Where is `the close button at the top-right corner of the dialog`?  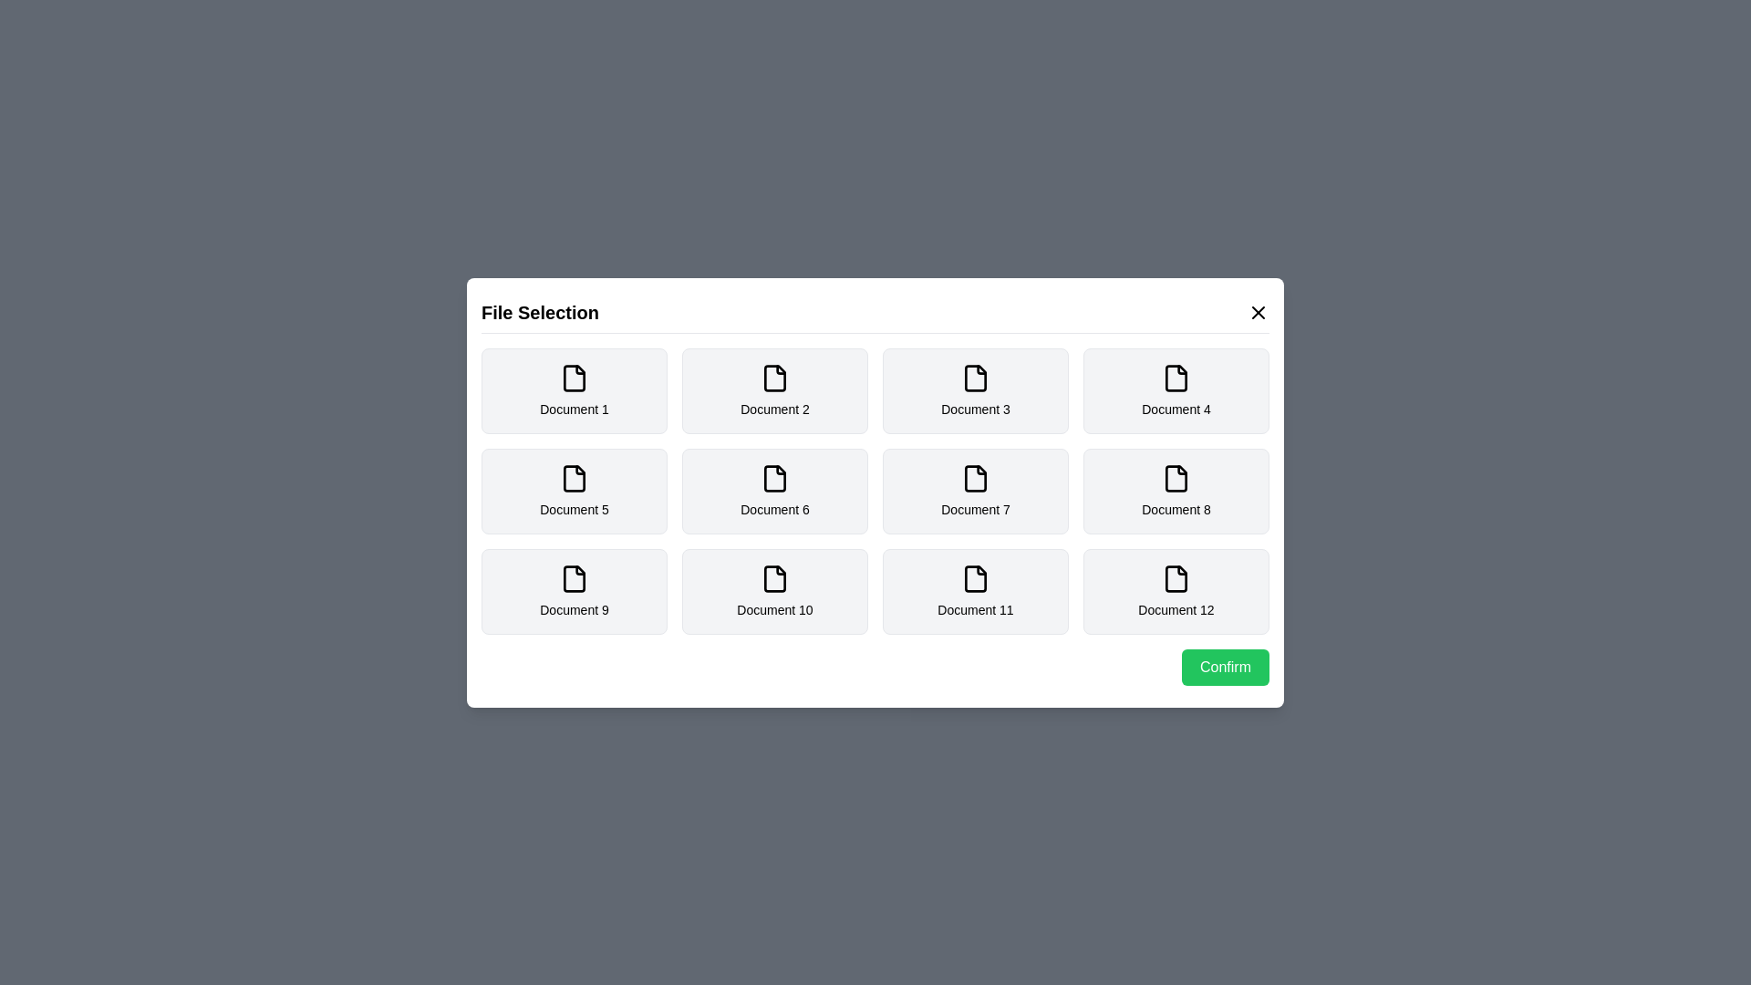 the close button at the top-right corner of the dialog is located at coordinates (1258, 311).